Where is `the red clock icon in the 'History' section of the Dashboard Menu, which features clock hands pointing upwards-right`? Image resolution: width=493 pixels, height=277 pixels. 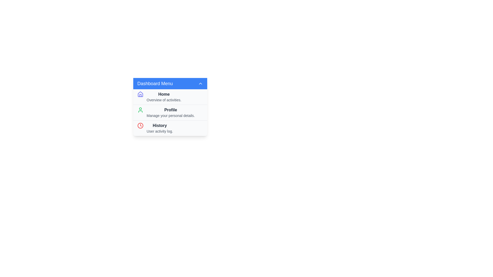
the red clock icon in the 'History' section of the Dashboard Menu, which features clock hands pointing upwards-right is located at coordinates (140, 125).